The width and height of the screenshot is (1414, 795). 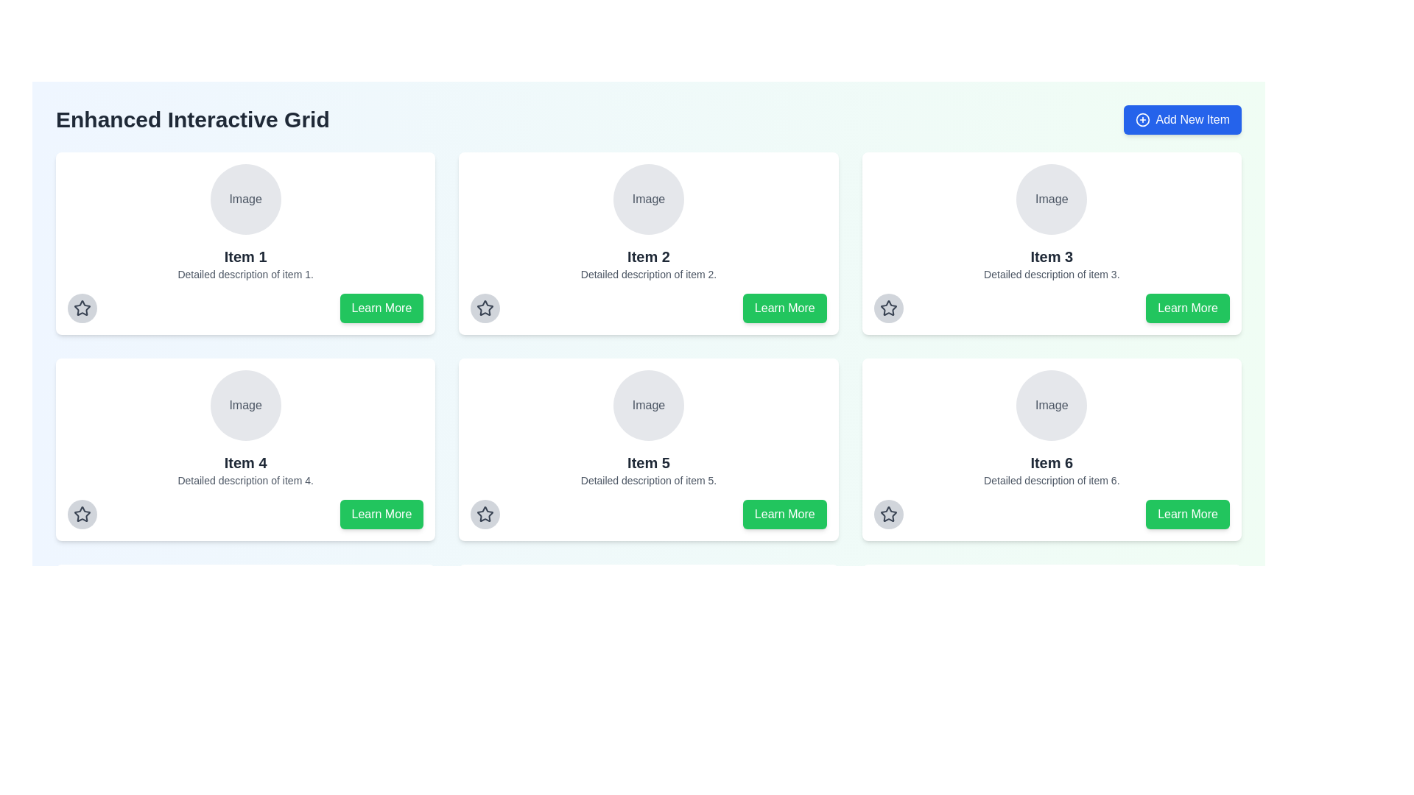 I want to click on the supplementary description text element located at the bottom of the 'Item 6' card, underneath the title text 'Item 6', so click(x=1051, y=480).